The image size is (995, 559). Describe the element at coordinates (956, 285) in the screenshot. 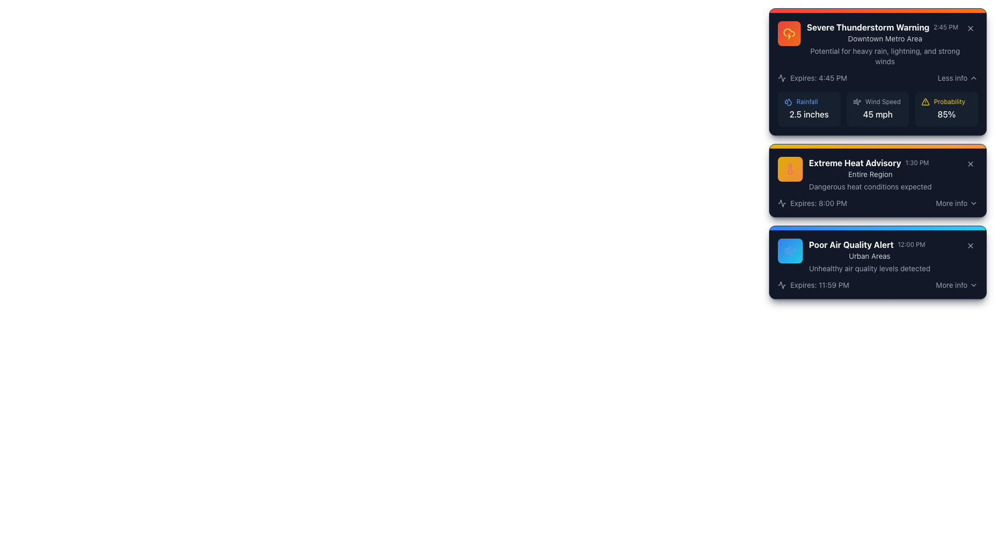

I see `the interactive button labeled 'More info' with a downward facing chevron icon to change the text color from gray to white` at that location.